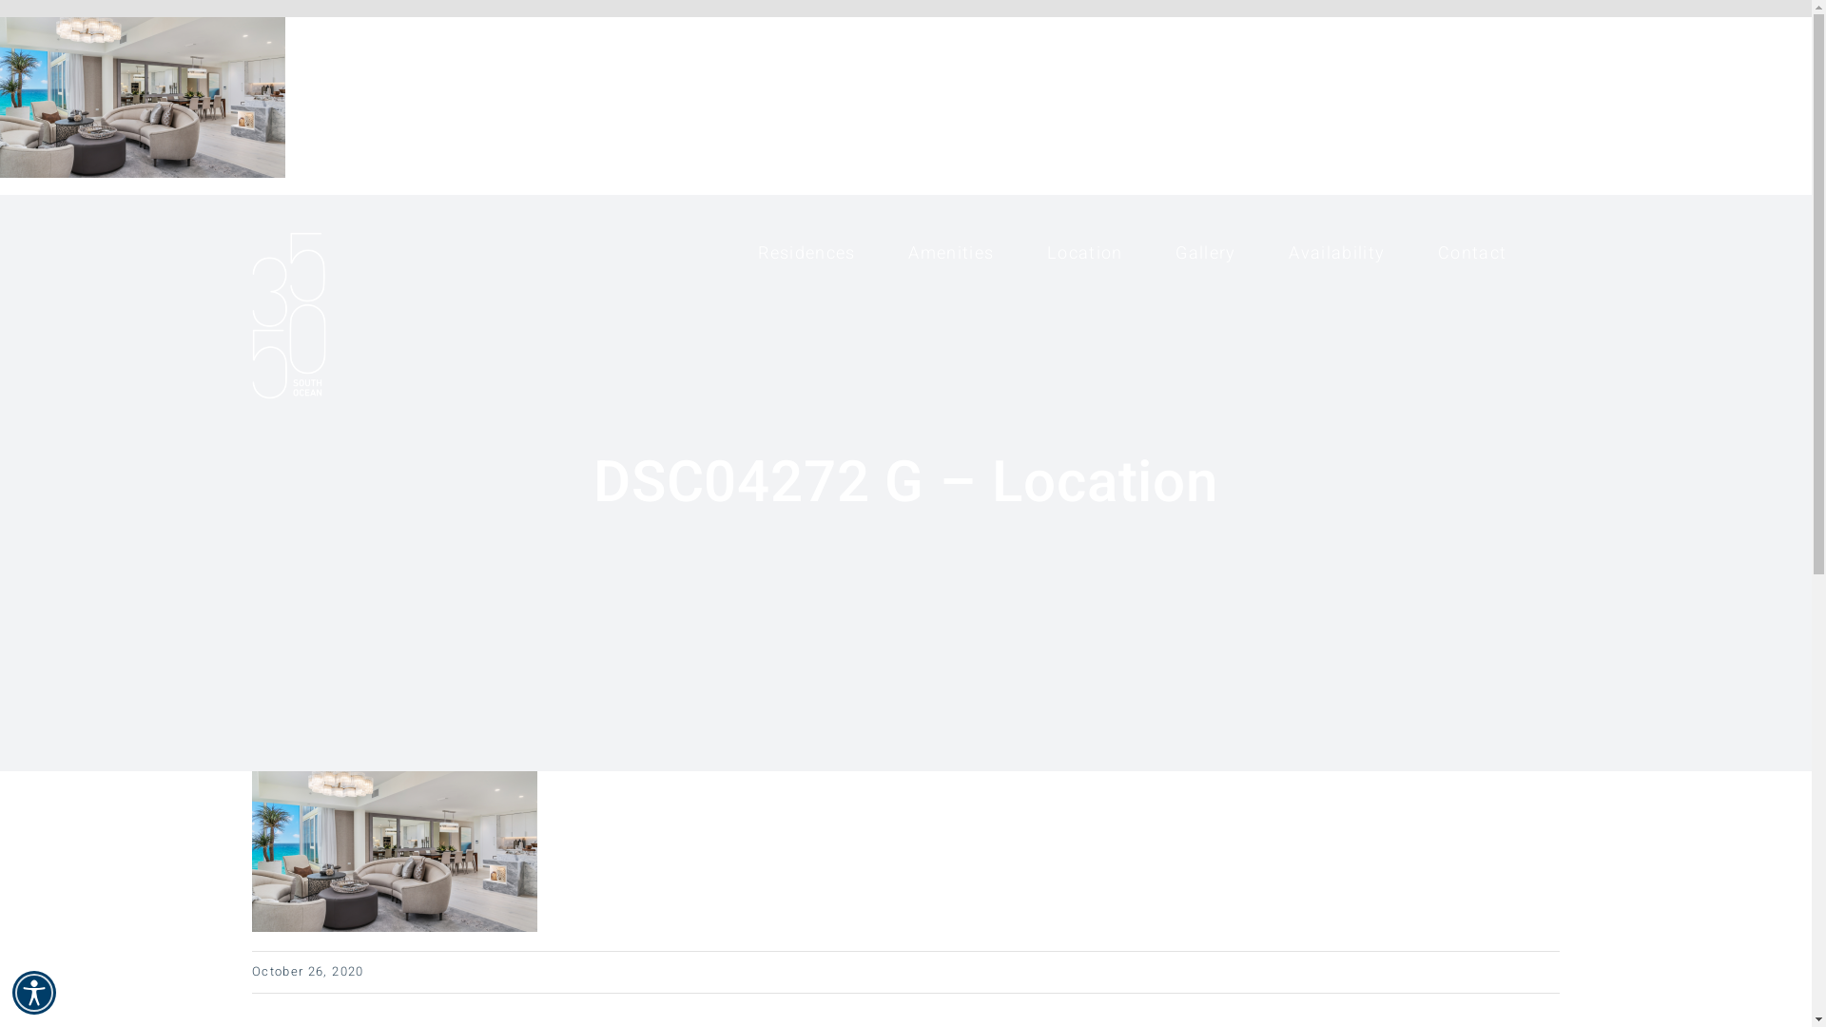  I want to click on 'Amenities', so click(950, 252).